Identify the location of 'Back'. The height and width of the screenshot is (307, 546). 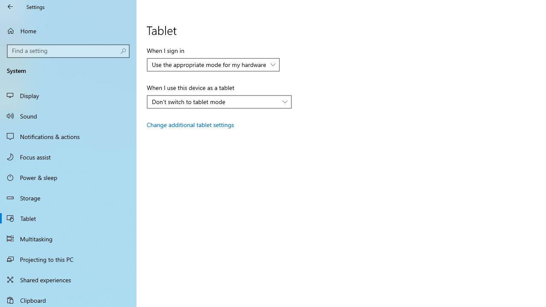
(10, 6).